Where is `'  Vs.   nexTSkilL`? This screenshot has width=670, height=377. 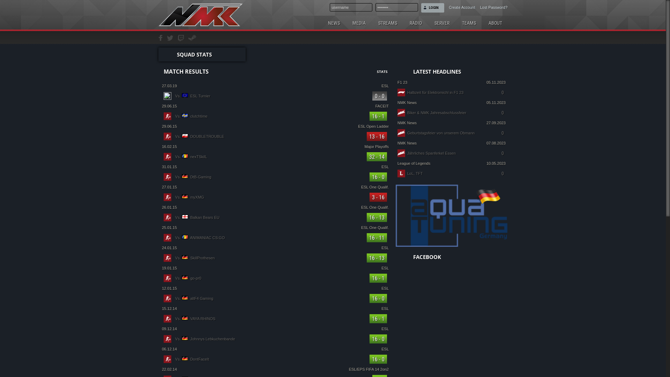
'  Vs.   nexTSkilL is located at coordinates (275, 156).